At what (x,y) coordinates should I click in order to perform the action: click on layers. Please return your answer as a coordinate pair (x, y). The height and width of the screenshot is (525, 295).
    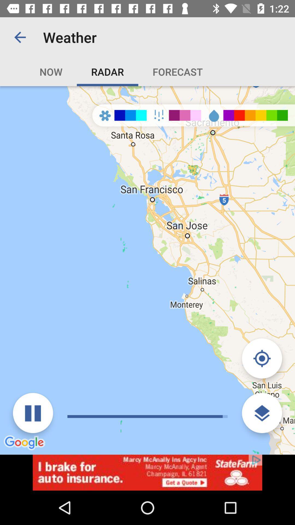
    Looking at the image, I should click on (262, 413).